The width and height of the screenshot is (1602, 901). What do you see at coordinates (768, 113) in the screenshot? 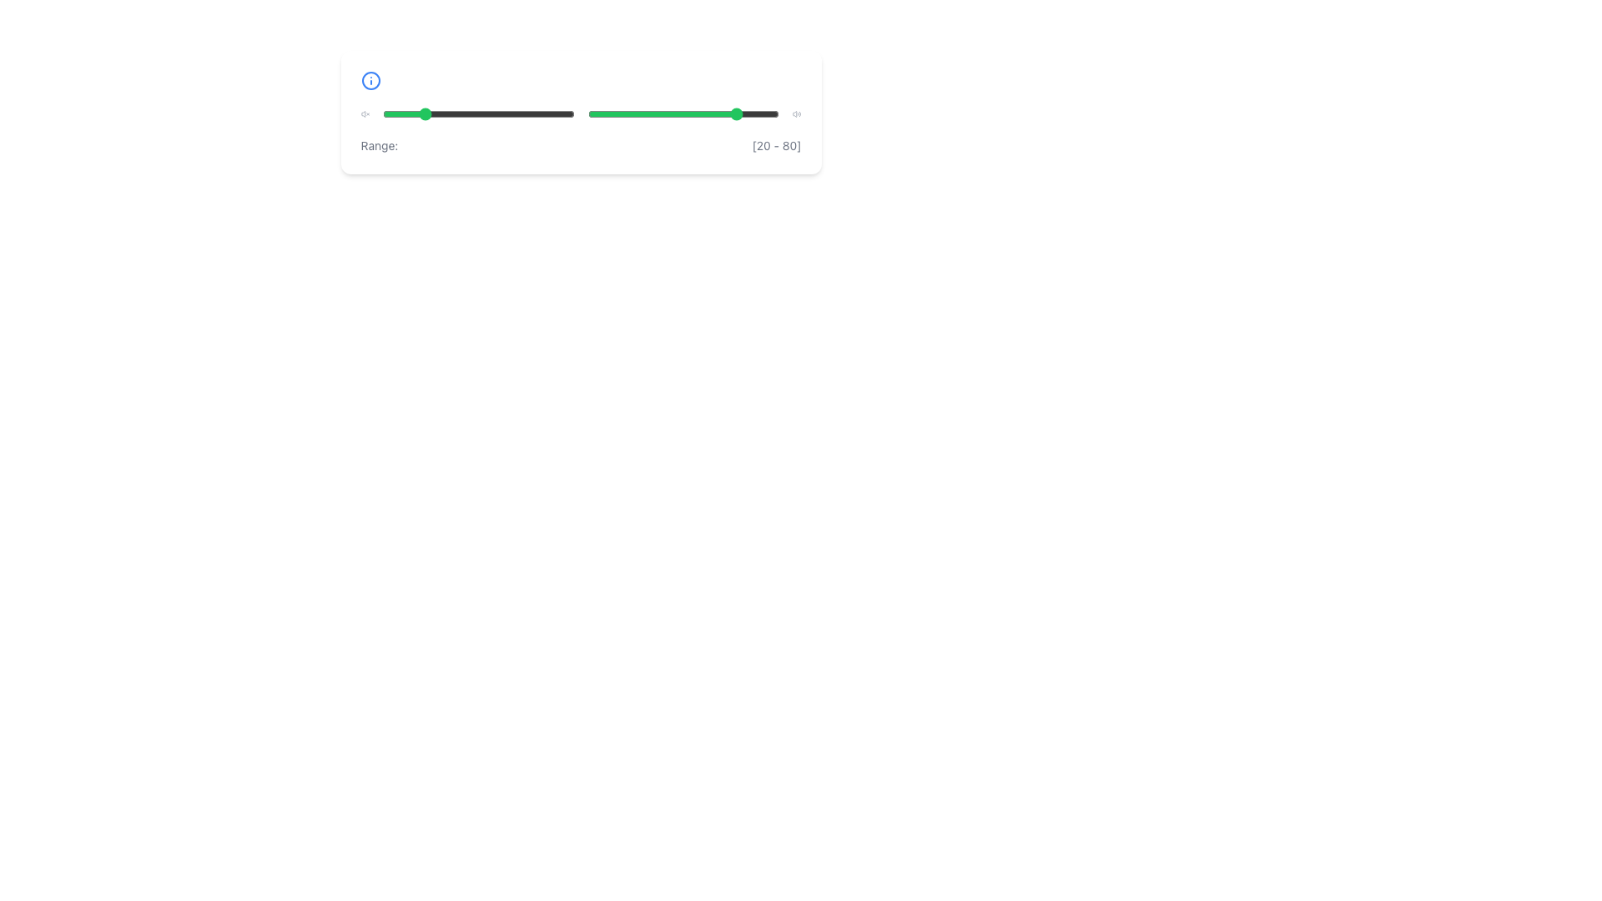
I see `the slider value` at bounding box center [768, 113].